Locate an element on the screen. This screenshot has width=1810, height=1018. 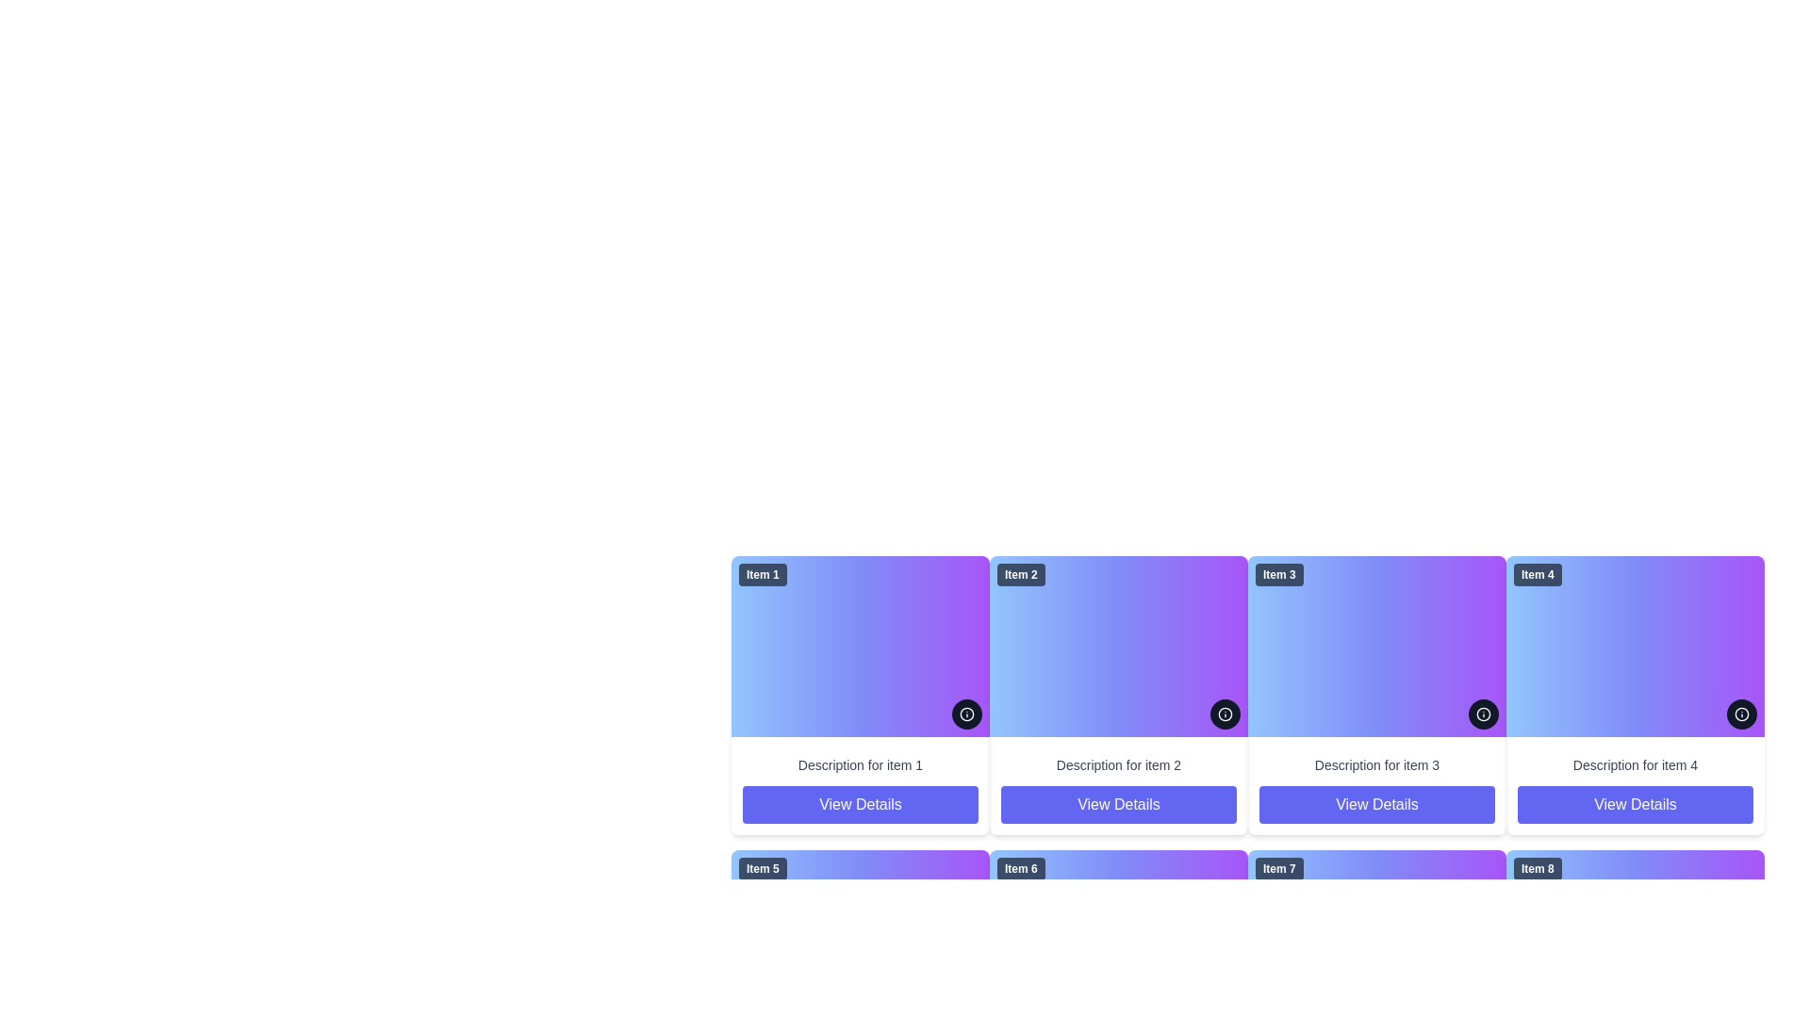
the static text label that describes 'Item 1', located above the 'View Details' button in the card layout is located at coordinates (859, 765).